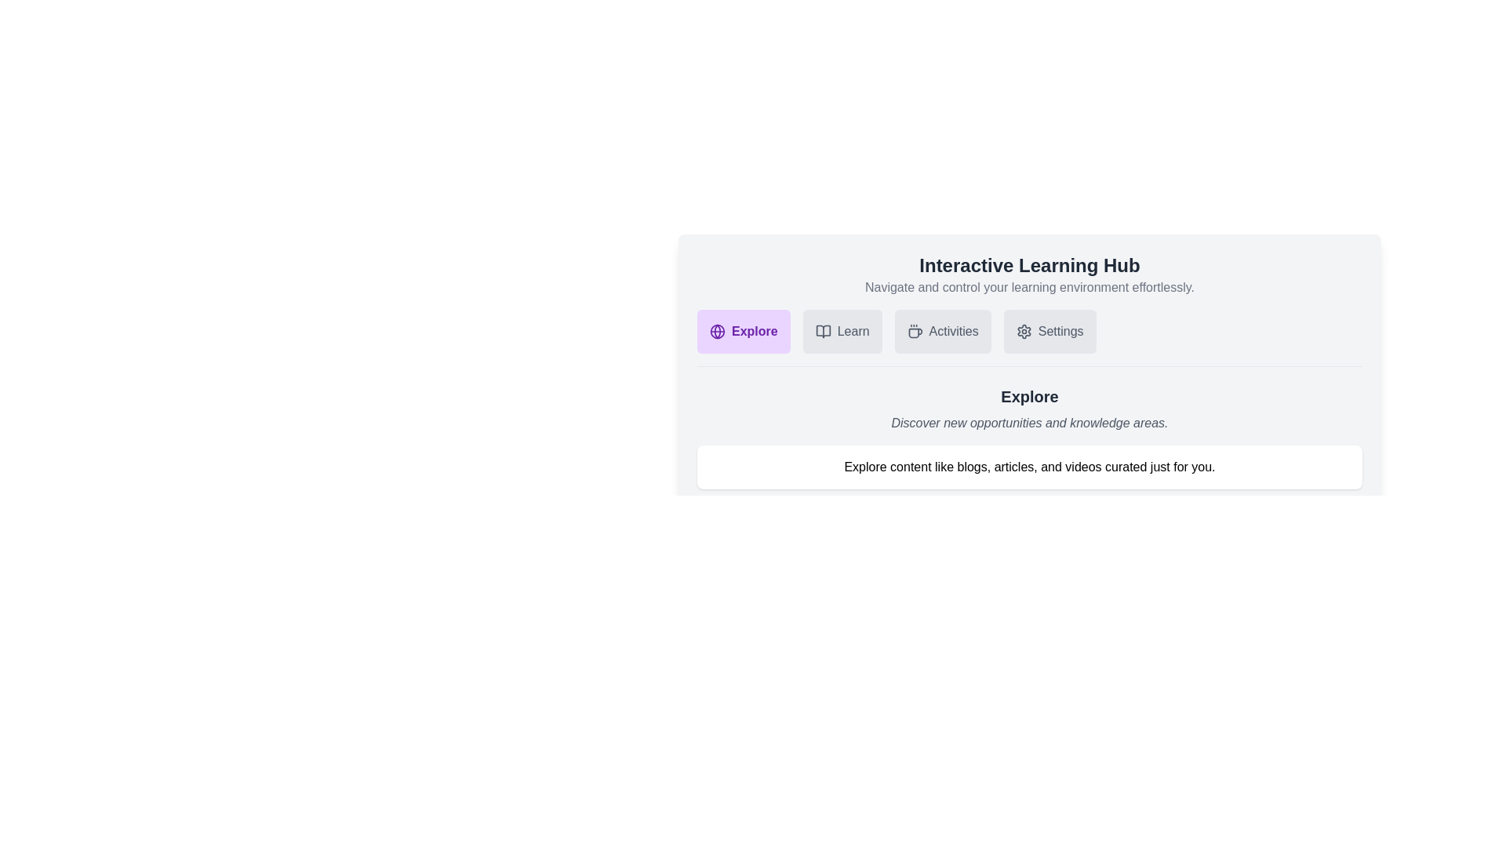 The width and height of the screenshot is (1506, 847). What do you see at coordinates (717, 331) in the screenshot?
I see `the globe icon located to the left of the 'Explore' text in the button group for exploration-related actions` at bounding box center [717, 331].